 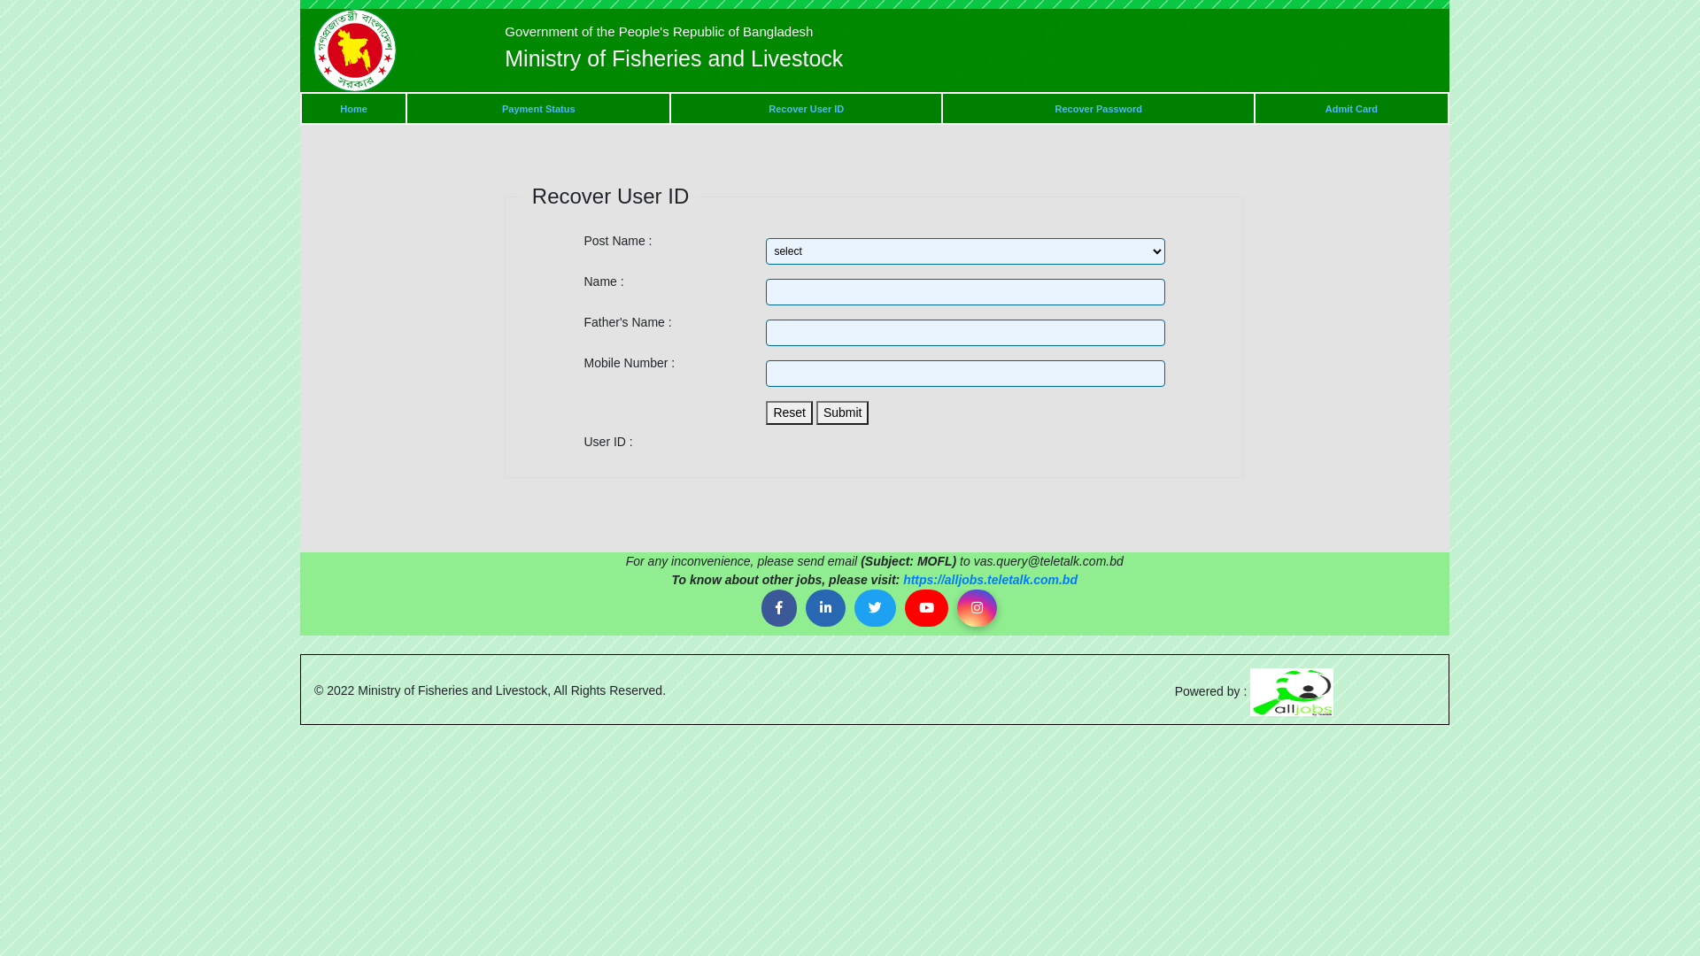 I want to click on 'Youtube', so click(x=925, y=607).